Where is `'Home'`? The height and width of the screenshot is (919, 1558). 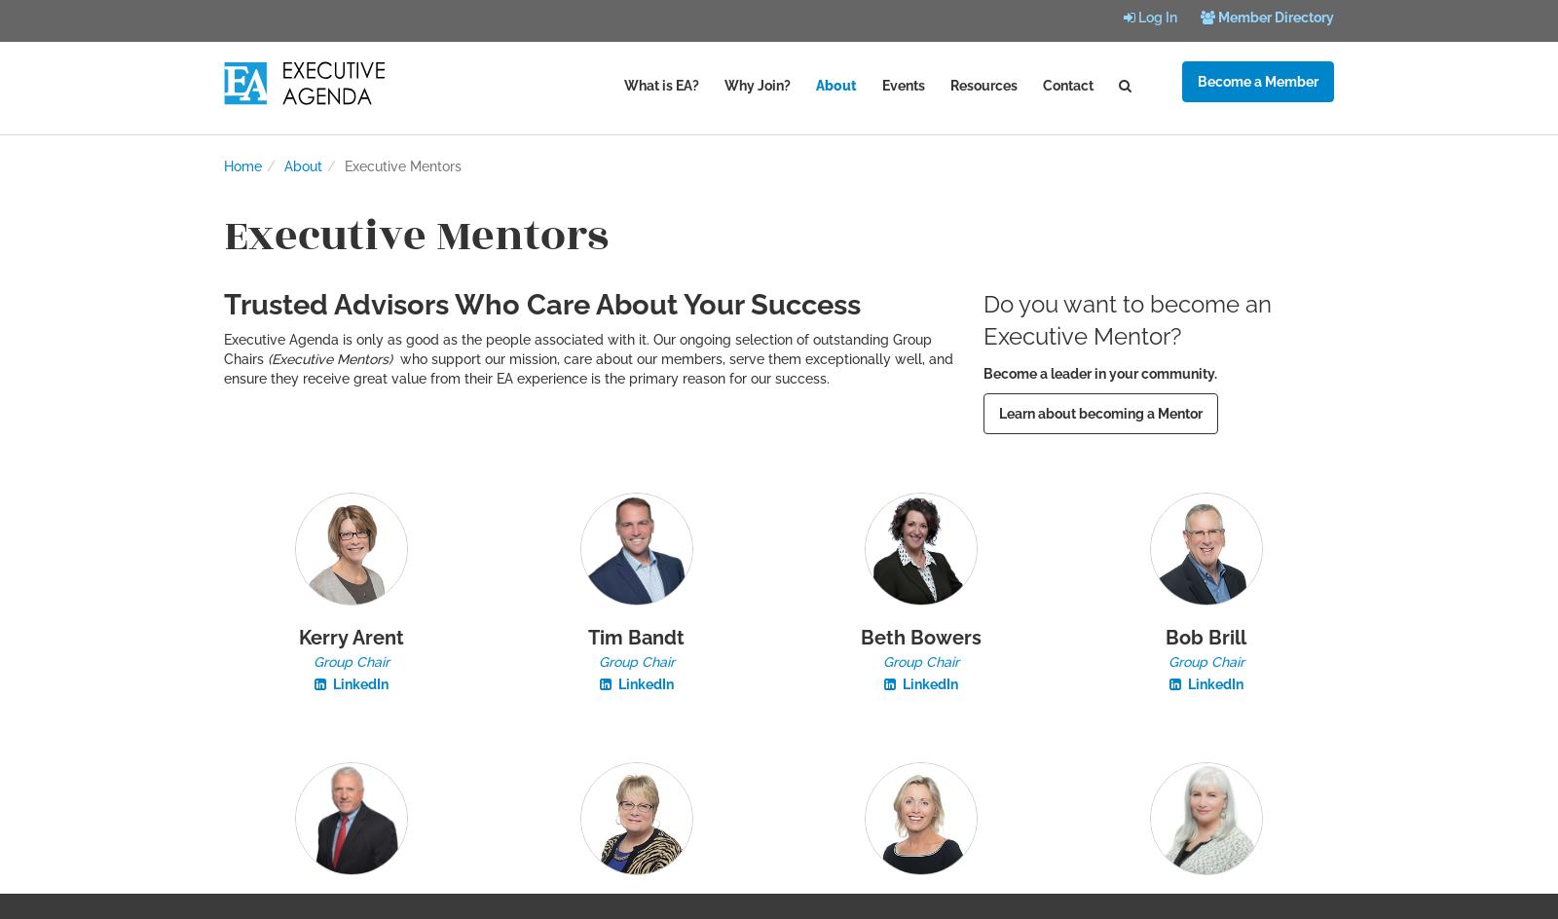
'Home' is located at coordinates (242, 165).